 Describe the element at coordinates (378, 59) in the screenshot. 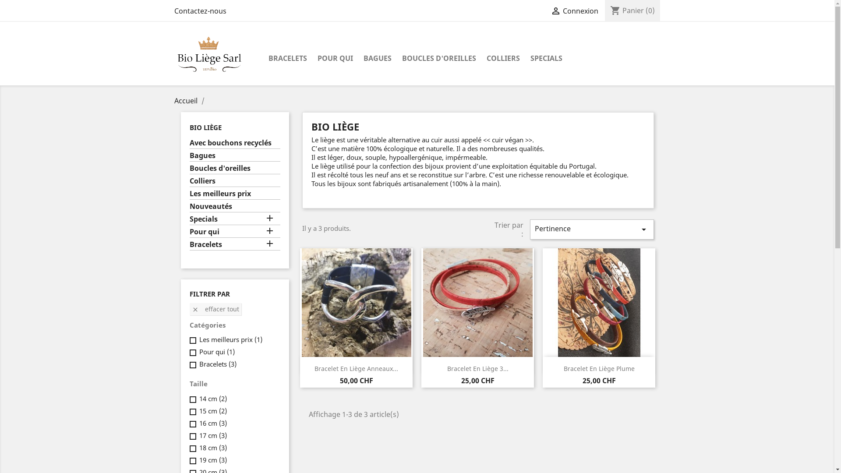

I see `'BAGUES'` at that location.